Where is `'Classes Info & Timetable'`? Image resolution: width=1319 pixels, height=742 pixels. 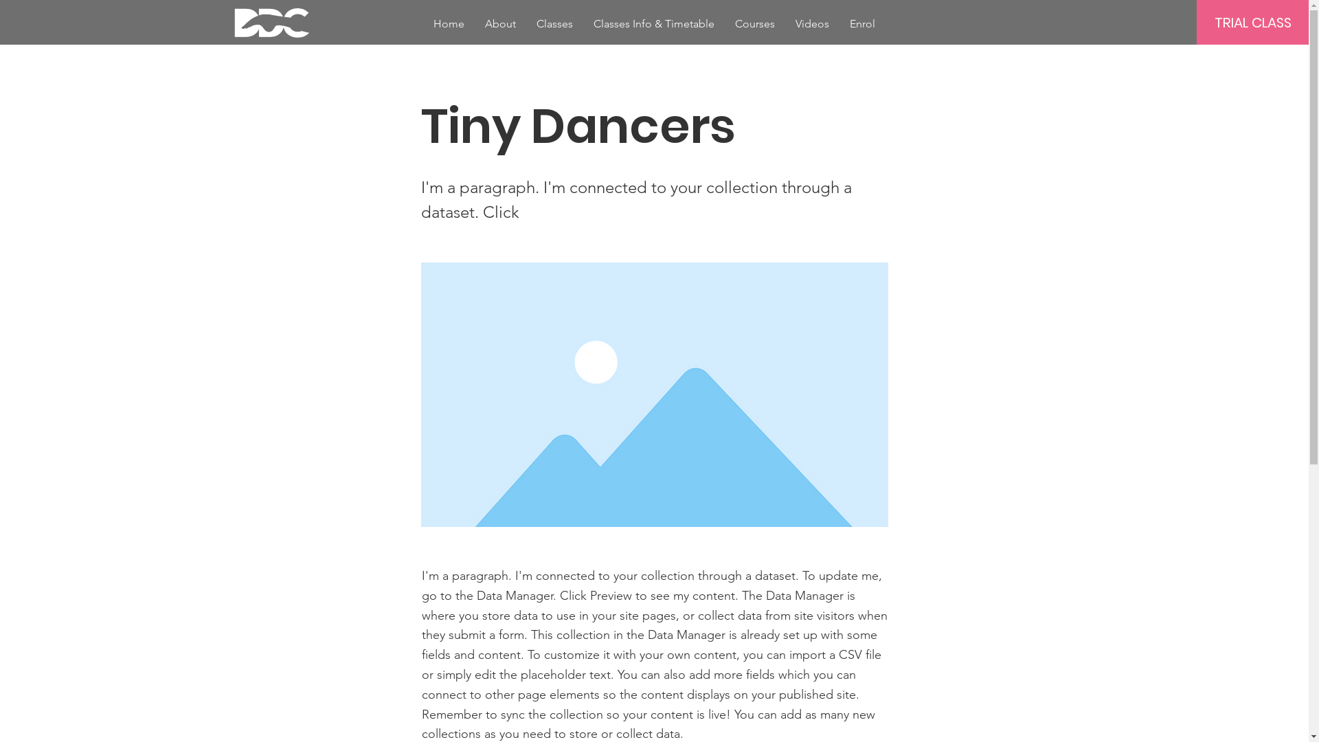
'Classes Info & Timetable' is located at coordinates (653, 23).